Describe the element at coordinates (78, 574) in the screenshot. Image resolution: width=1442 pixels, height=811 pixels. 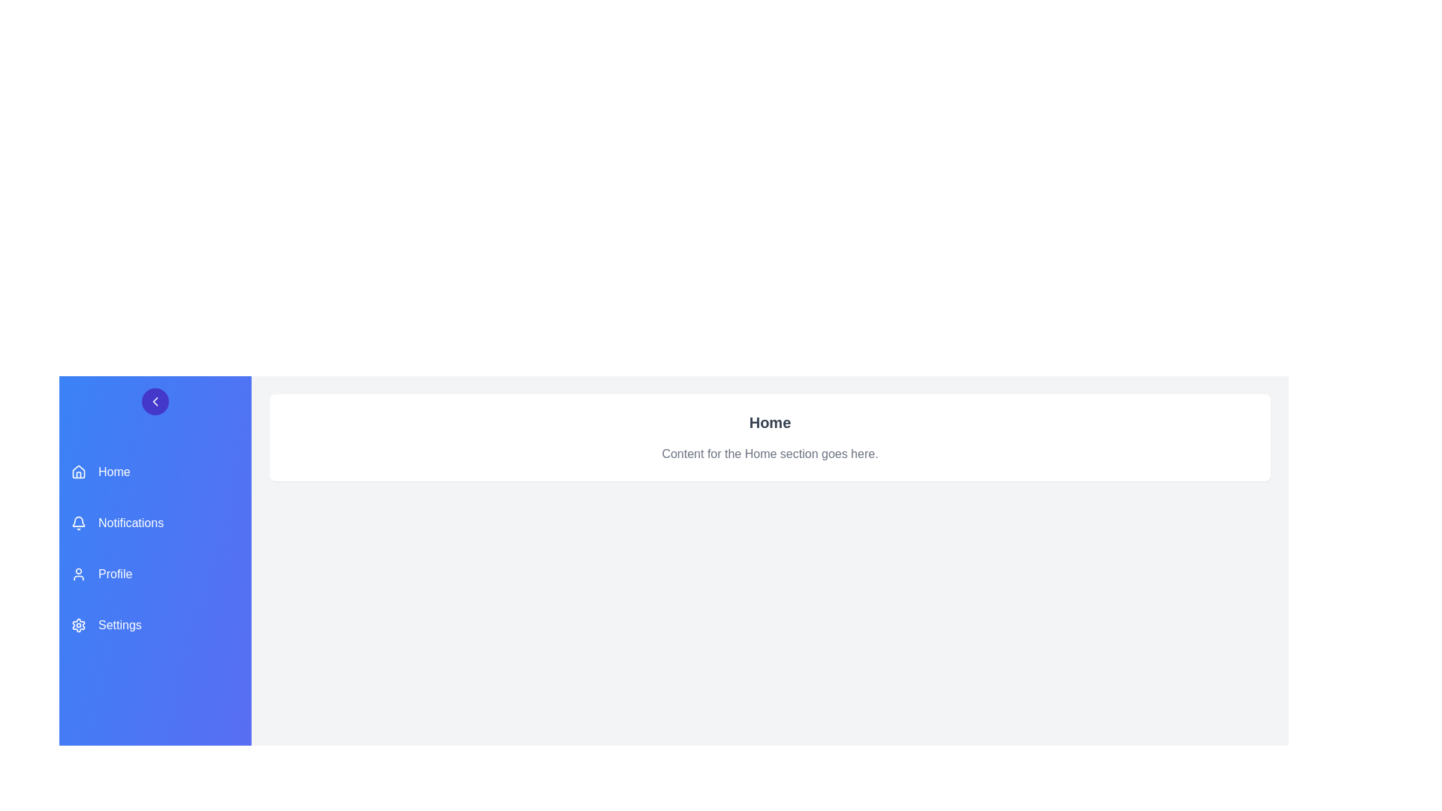
I see `the 'Profile' icon in the vertical navigation menu, which is the third icon from the top and located to the left of the 'Profile' label text` at that location.